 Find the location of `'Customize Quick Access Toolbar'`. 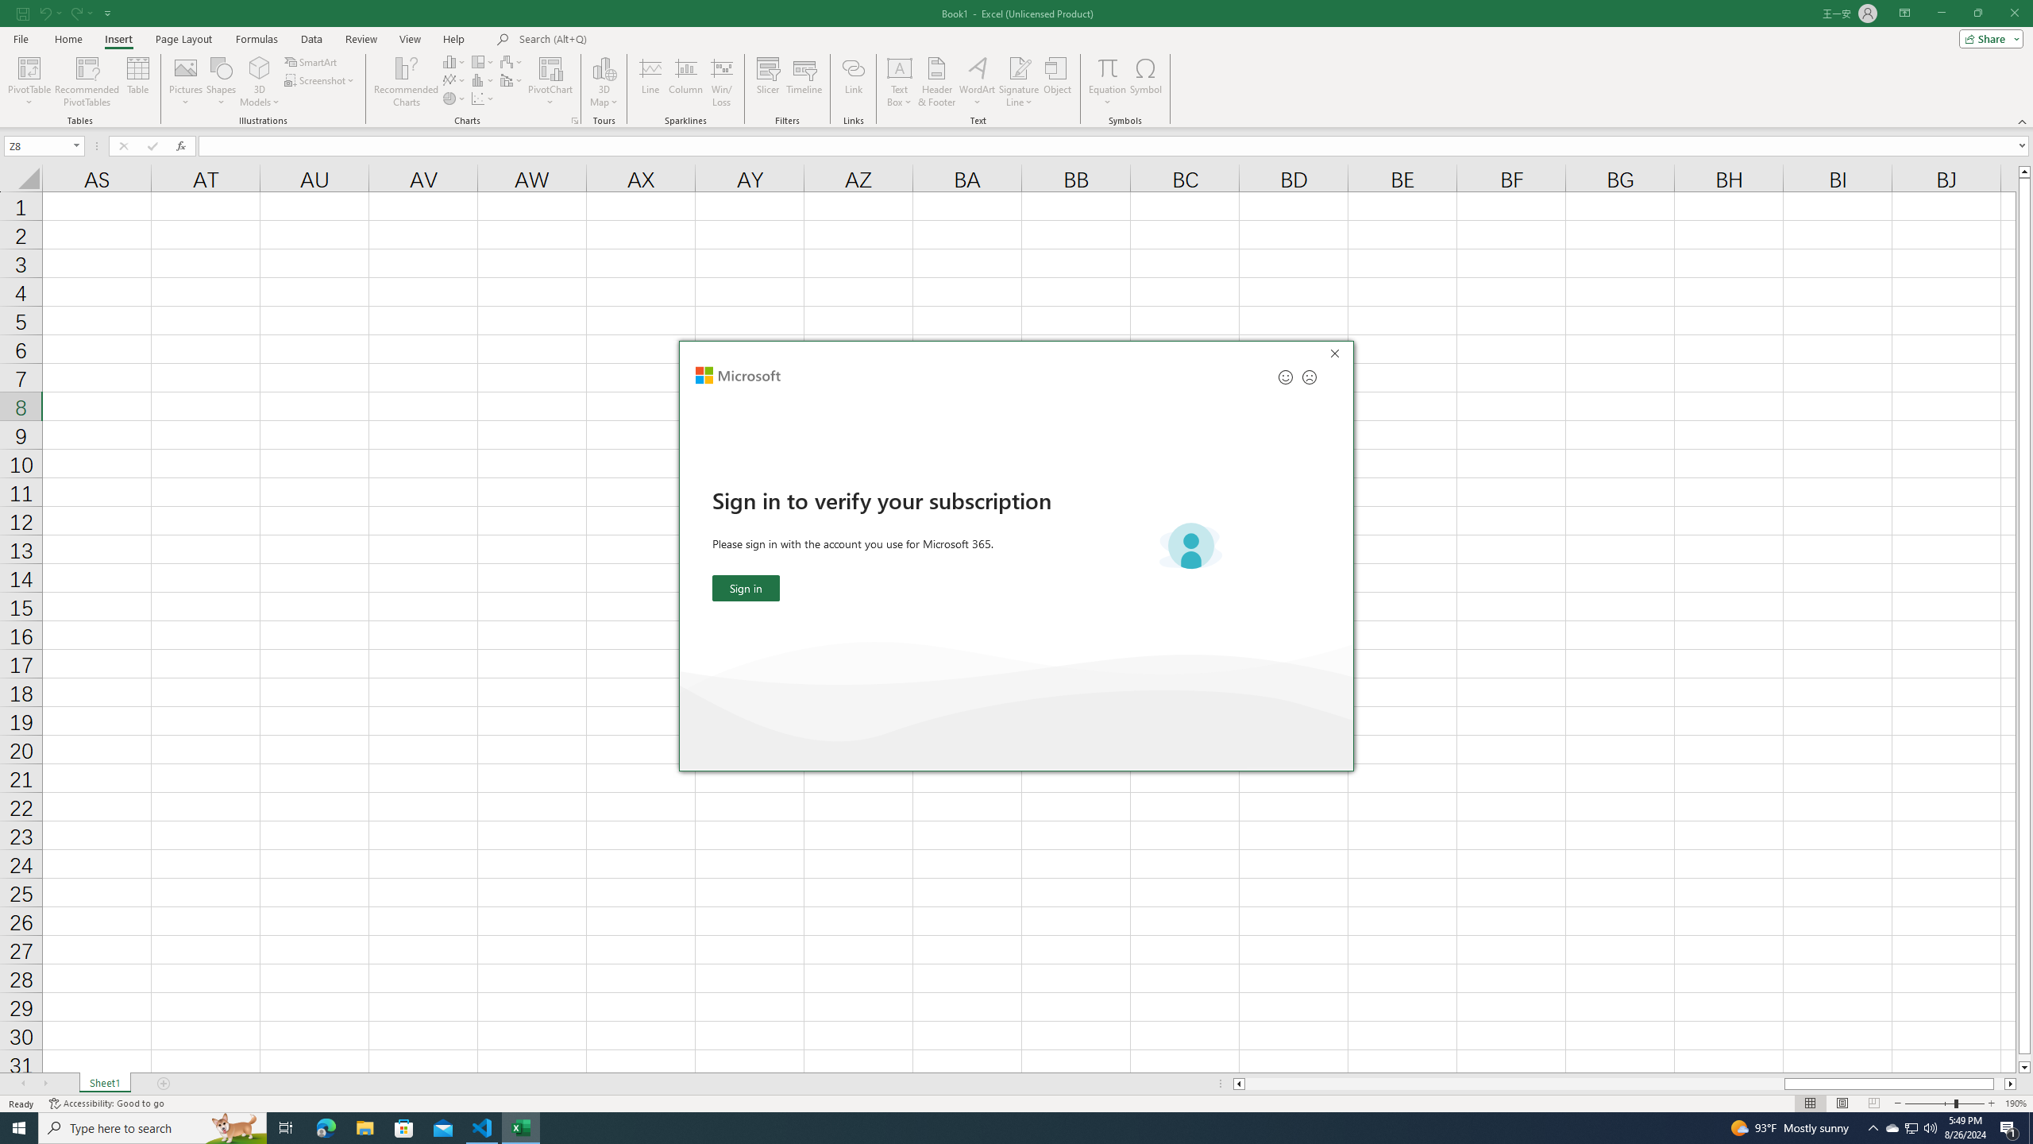

'Customize Quick Access Toolbar' is located at coordinates (107, 12).